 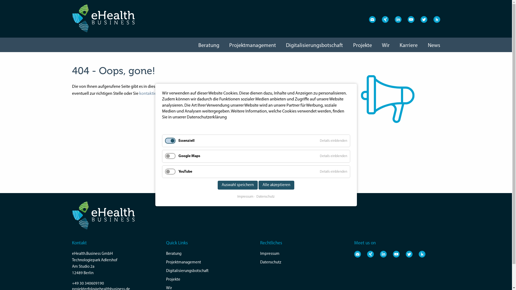 I want to click on 'Besuchen Sie uns auf XING', so click(x=370, y=254).